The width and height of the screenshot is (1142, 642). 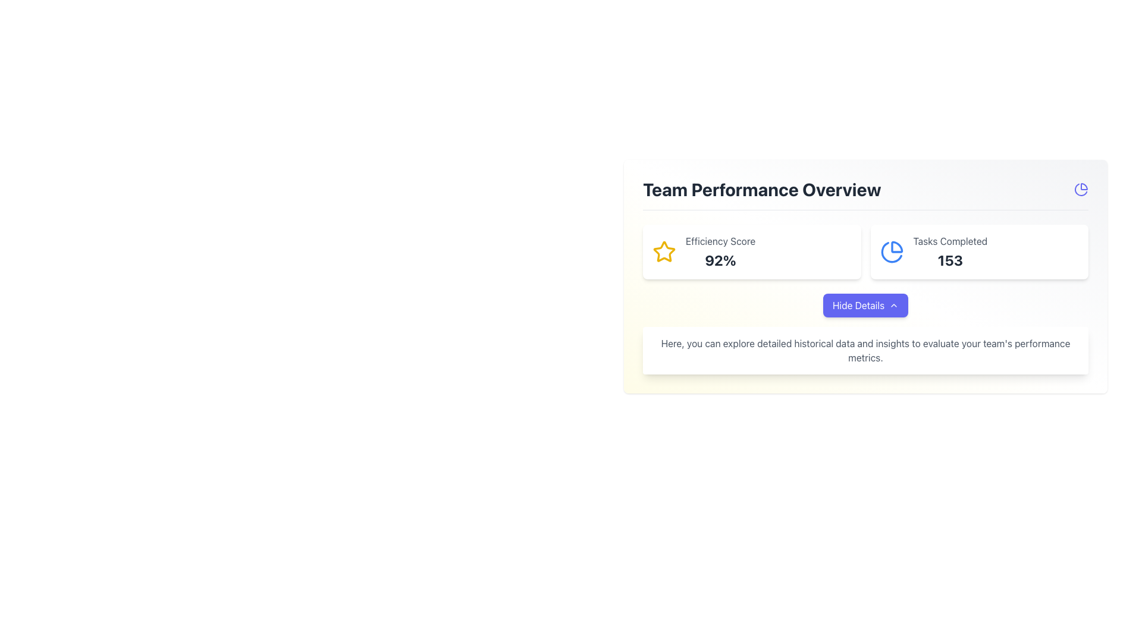 What do you see at coordinates (1084, 187) in the screenshot?
I see `the upper right segment of the pie chart located at the top-right corner of the interface` at bounding box center [1084, 187].